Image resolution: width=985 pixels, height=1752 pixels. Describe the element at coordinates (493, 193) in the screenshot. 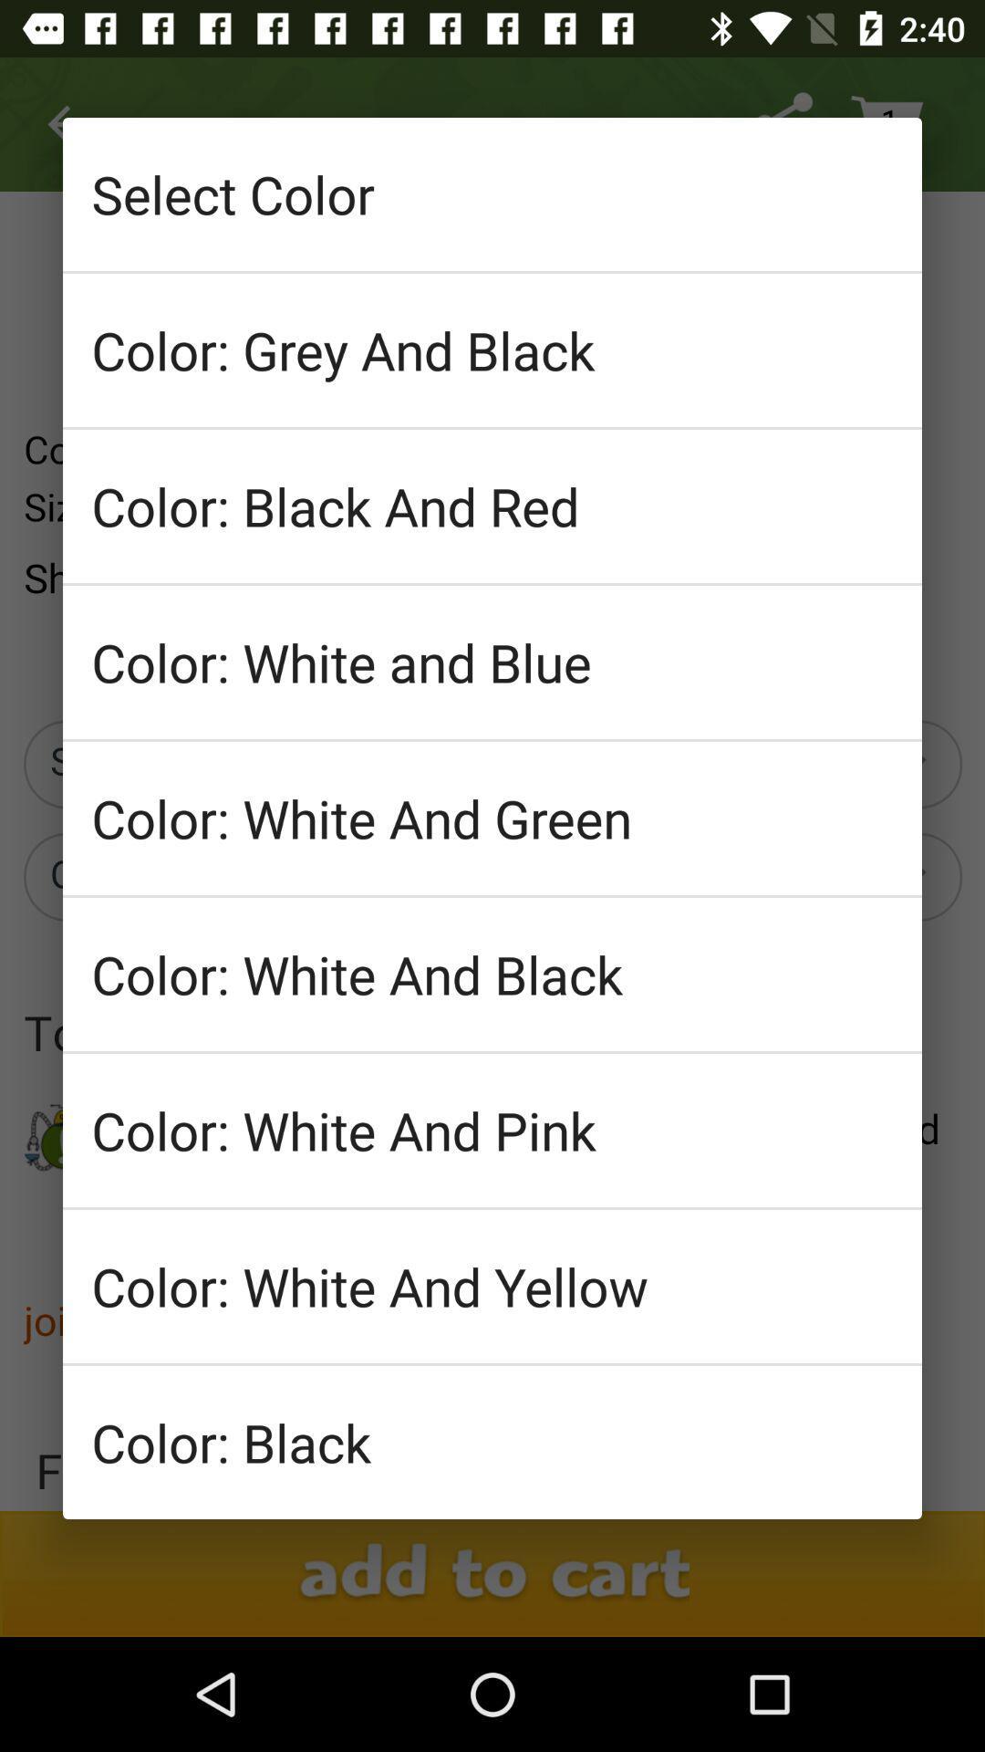

I see `the icon above color grey and` at that location.